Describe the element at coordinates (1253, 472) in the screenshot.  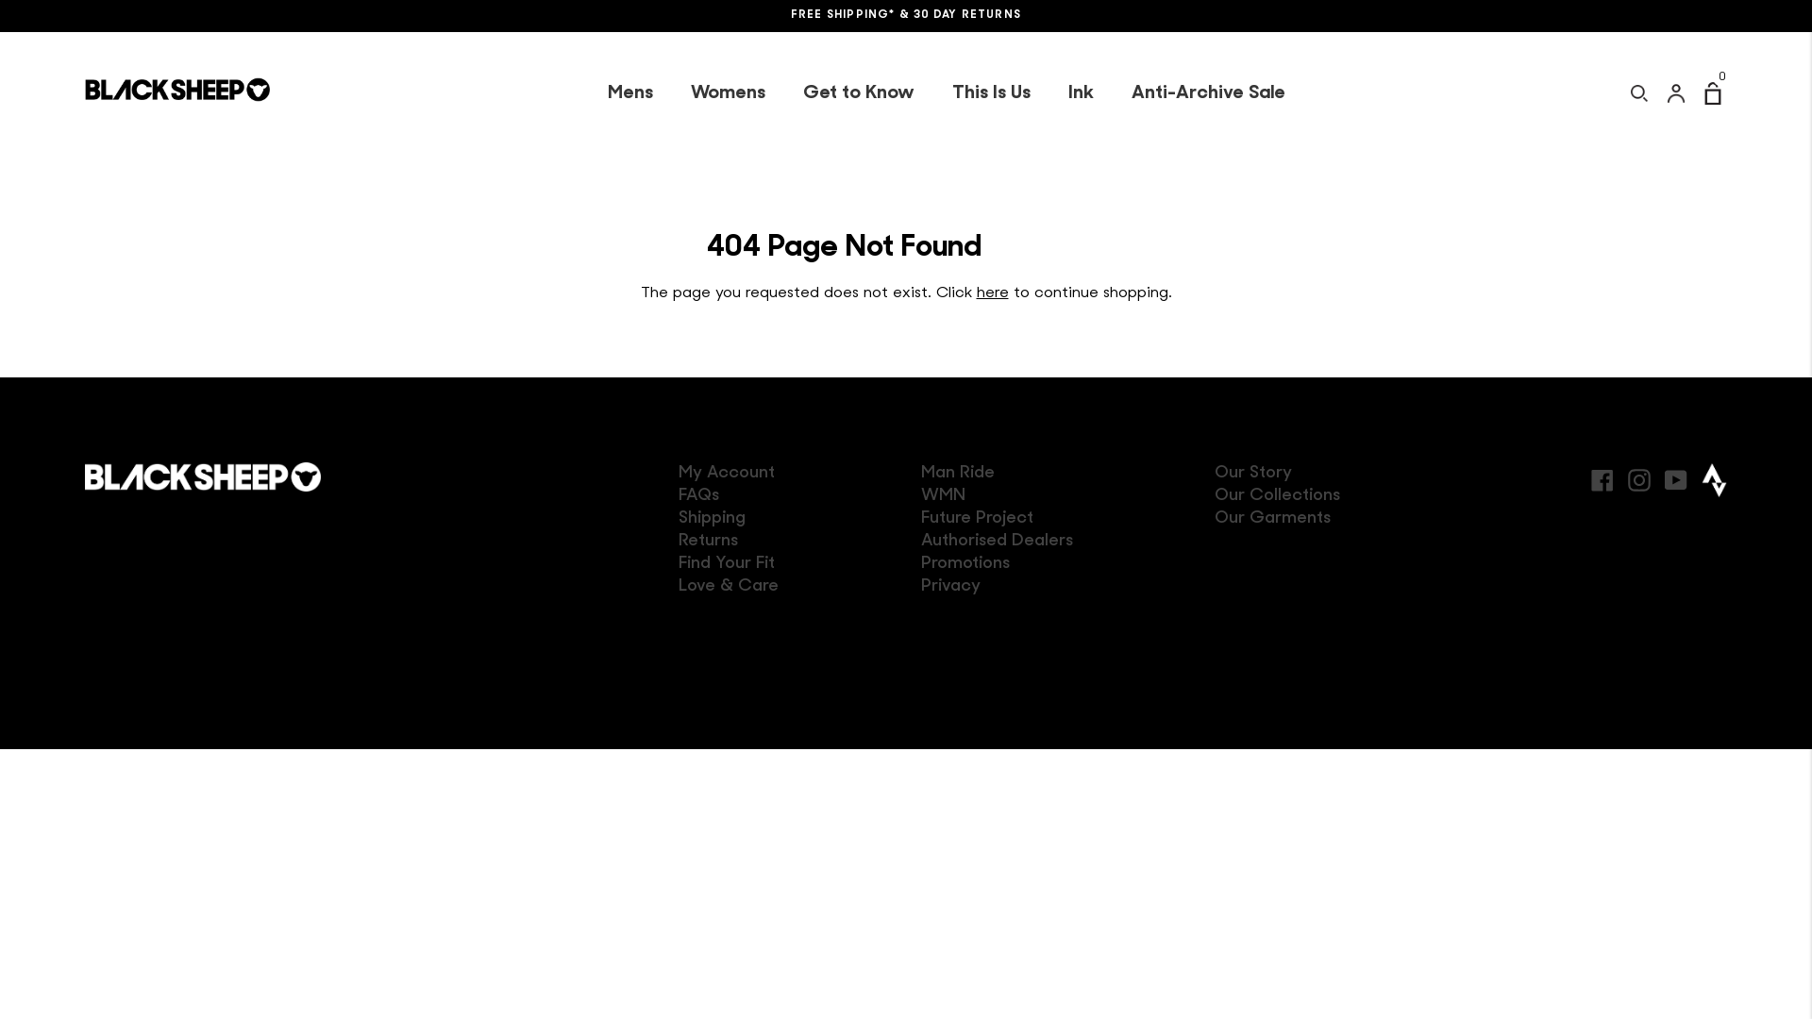
I see `'Our Story'` at that location.